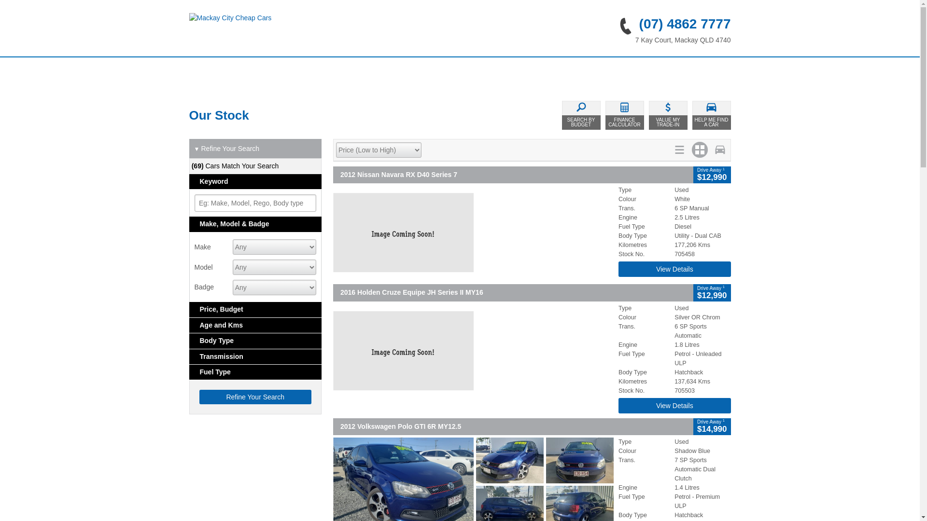 This screenshot has height=521, width=927. Describe the element at coordinates (581, 115) in the screenshot. I see `'SEARCH BY BUDGET'` at that location.